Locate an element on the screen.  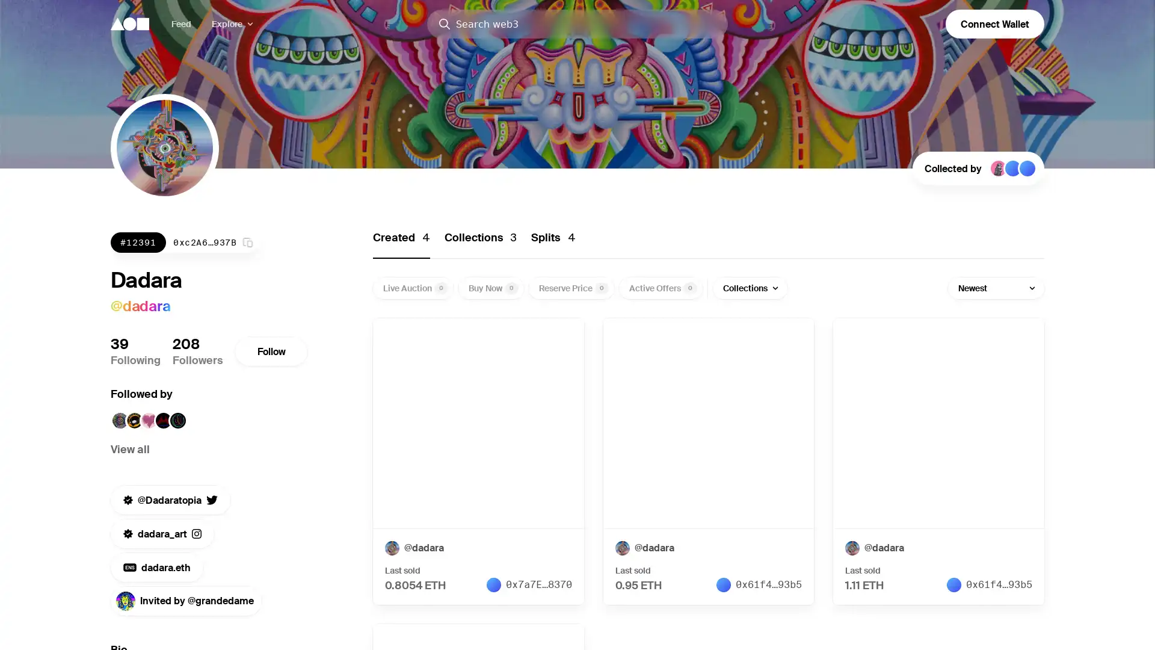
Active Offers 0 is located at coordinates (660, 288).